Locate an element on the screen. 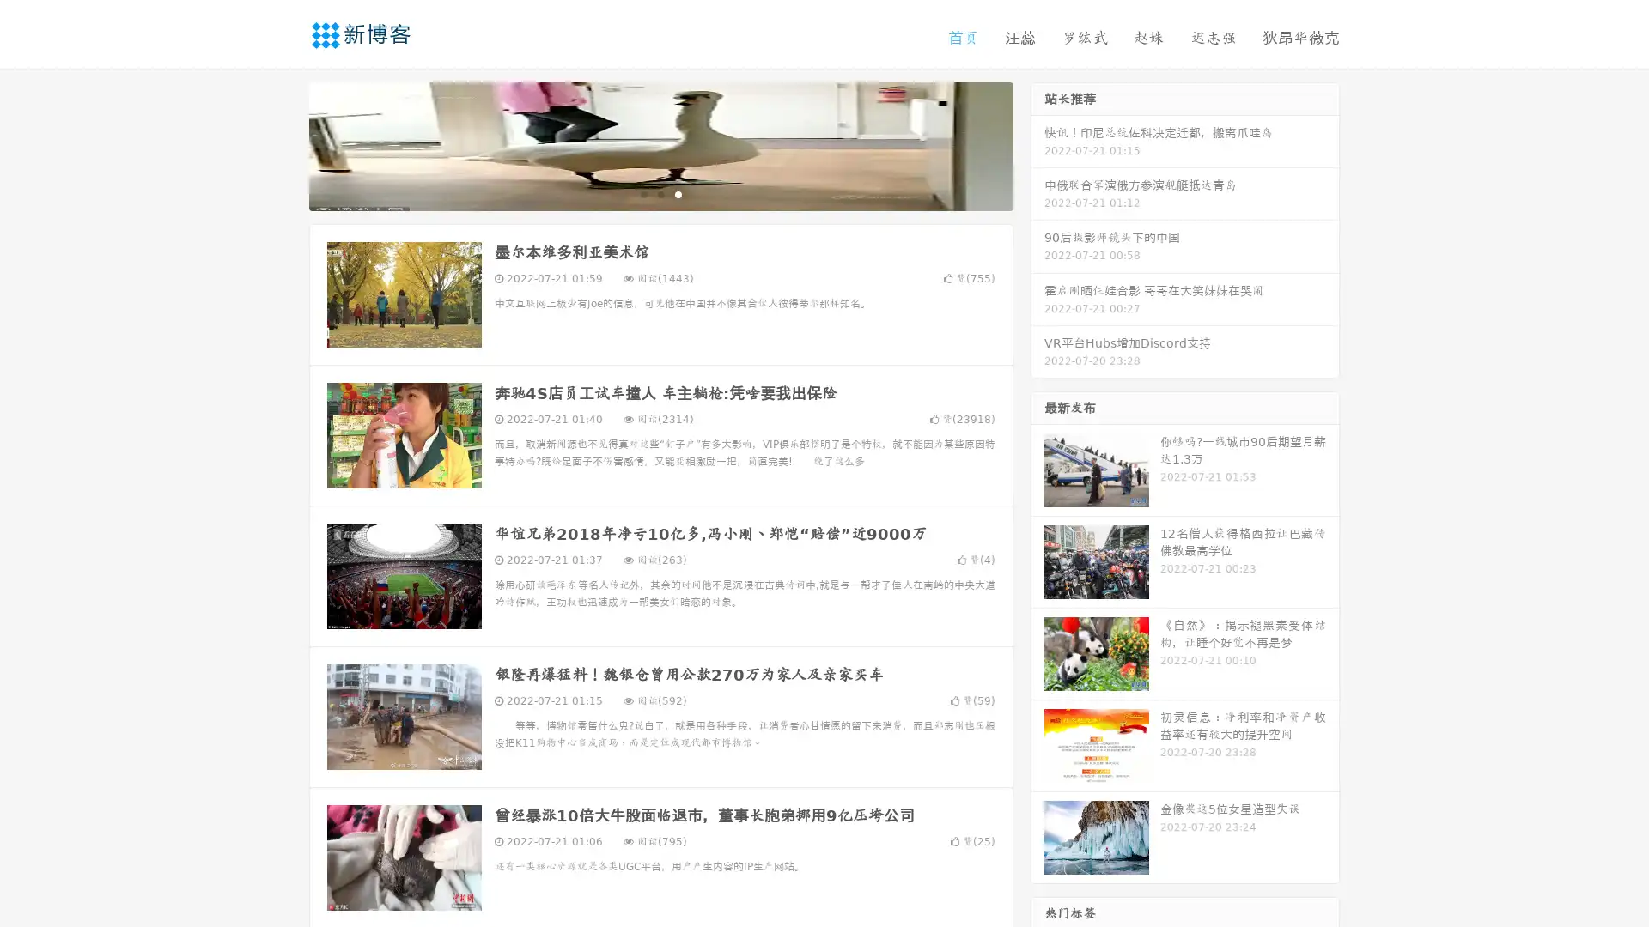  Go to slide 1 is located at coordinates (642, 193).